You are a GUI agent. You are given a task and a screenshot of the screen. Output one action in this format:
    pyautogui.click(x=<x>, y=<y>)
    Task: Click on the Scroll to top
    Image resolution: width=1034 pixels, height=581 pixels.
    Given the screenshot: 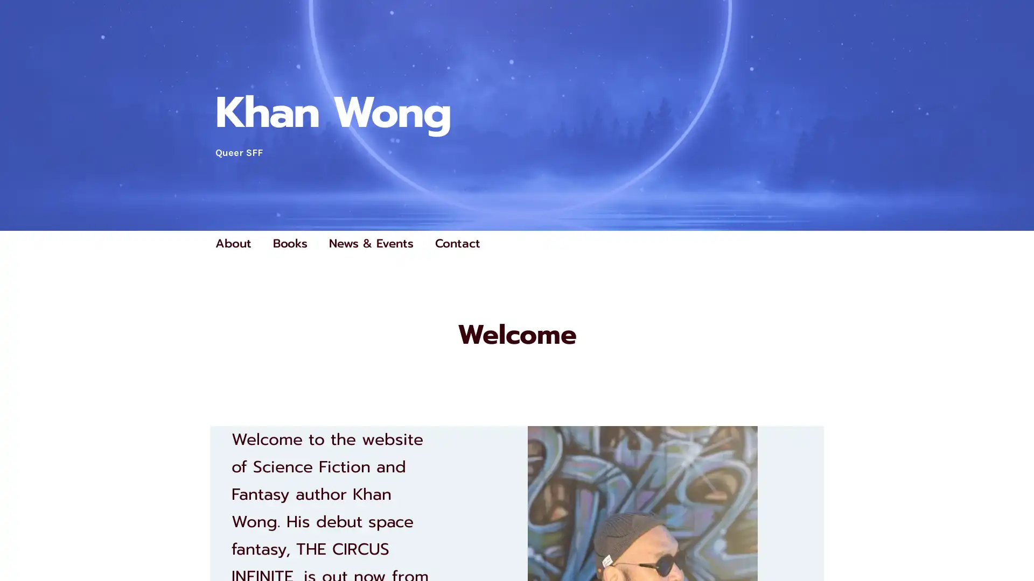 What is the action you would take?
    pyautogui.click(x=1013, y=544)
    